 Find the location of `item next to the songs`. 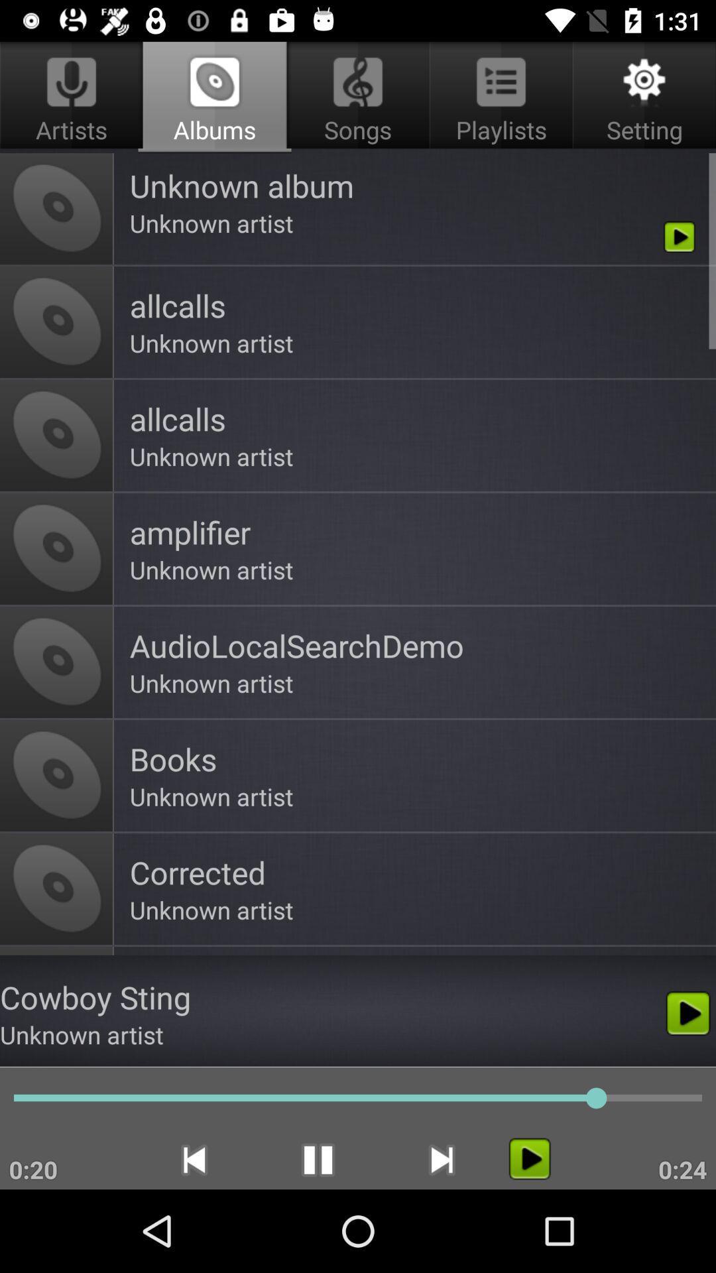

item next to the songs is located at coordinates (641, 97).